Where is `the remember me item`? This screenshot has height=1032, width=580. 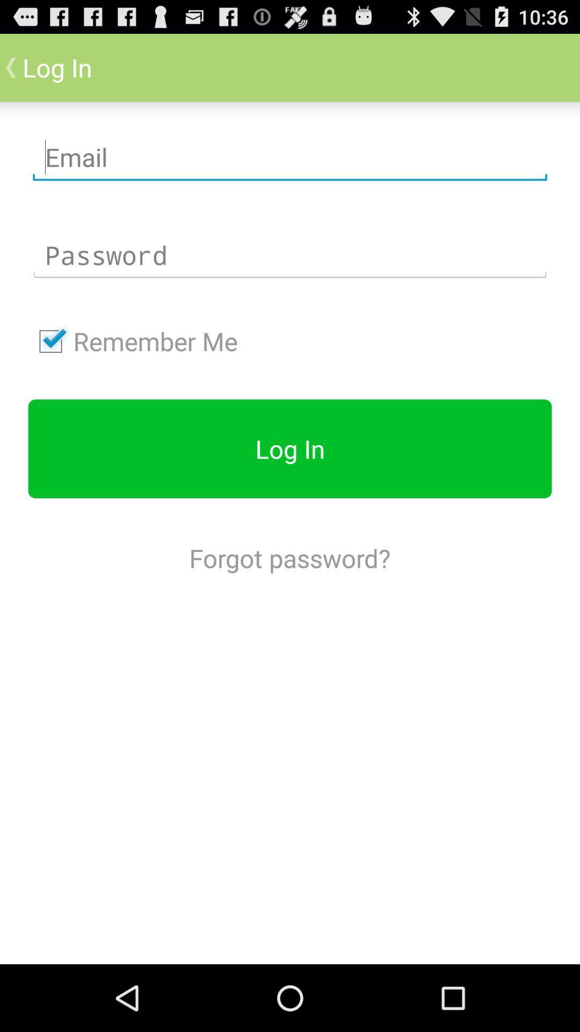 the remember me item is located at coordinates (132, 341).